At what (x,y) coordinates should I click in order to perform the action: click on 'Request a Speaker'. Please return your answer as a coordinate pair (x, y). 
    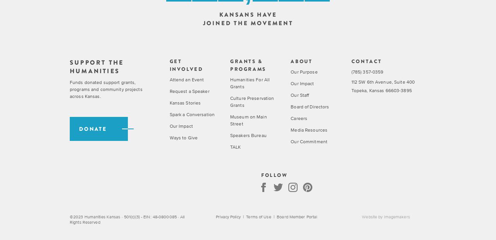
    Looking at the image, I should click on (189, 91).